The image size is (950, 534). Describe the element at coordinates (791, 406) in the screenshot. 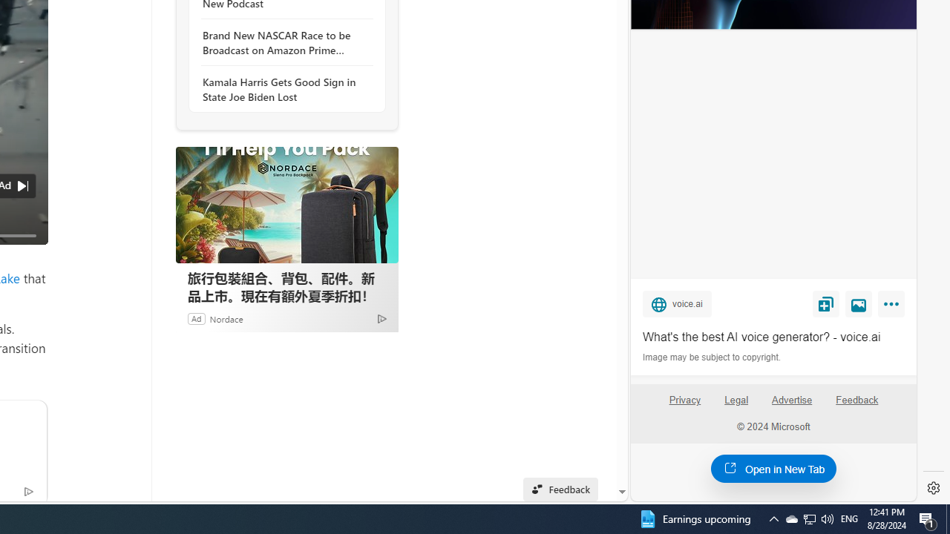

I see `'Advertise'` at that location.